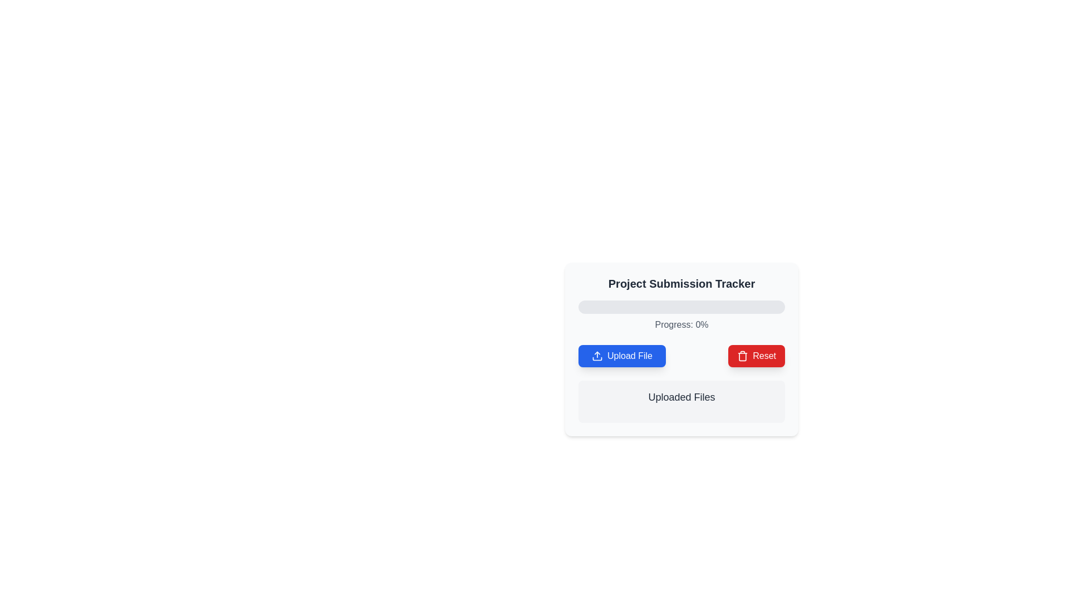 Image resolution: width=1069 pixels, height=601 pixels. I want to click on the reset button located to the right of the 'Upload File' button in the 'Project Submission Tracker' interface to reset the progress or state related to file uploads, so click(756, 356).